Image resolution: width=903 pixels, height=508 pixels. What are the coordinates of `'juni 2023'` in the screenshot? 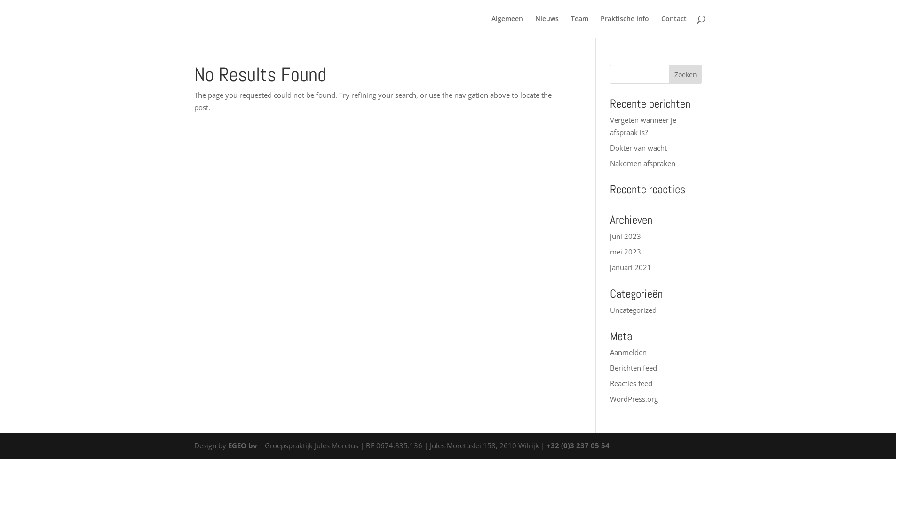 It's located at (625, 235).